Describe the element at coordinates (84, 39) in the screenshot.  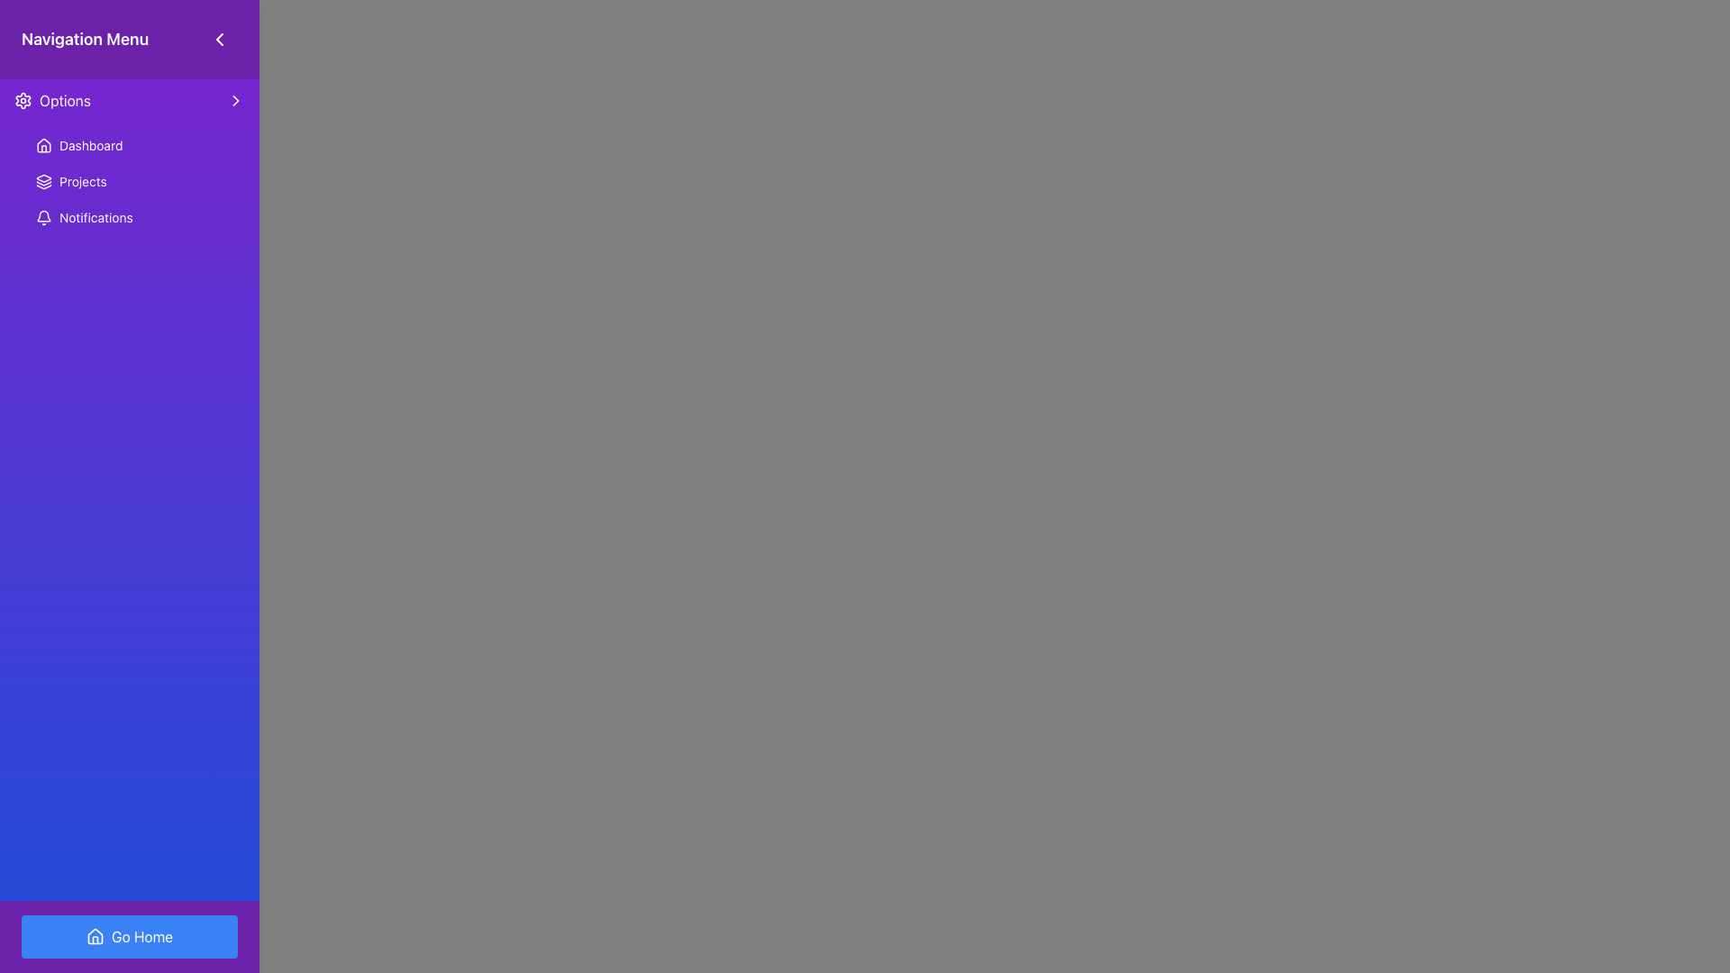
I see `the Static Text element that serves as the title for the navigation menu, located in the top-left corner of the interface` at that location.